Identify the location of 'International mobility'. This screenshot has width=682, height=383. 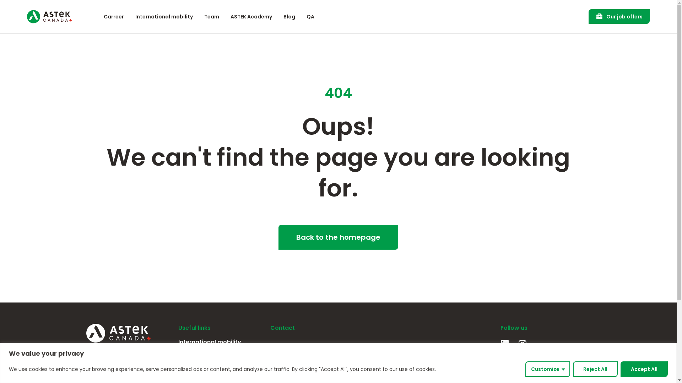
(220, 342).